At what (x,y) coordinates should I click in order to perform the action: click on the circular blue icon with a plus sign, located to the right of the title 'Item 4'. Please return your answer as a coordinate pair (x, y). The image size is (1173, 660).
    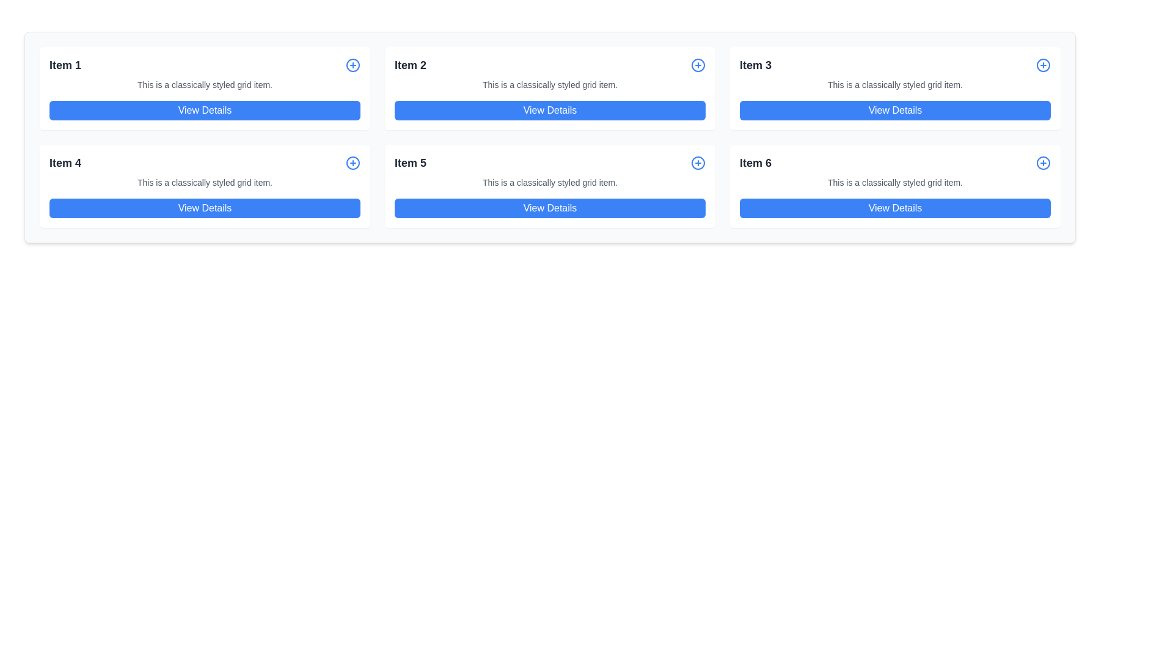
    Looking at the image, I should click on (352, 162).